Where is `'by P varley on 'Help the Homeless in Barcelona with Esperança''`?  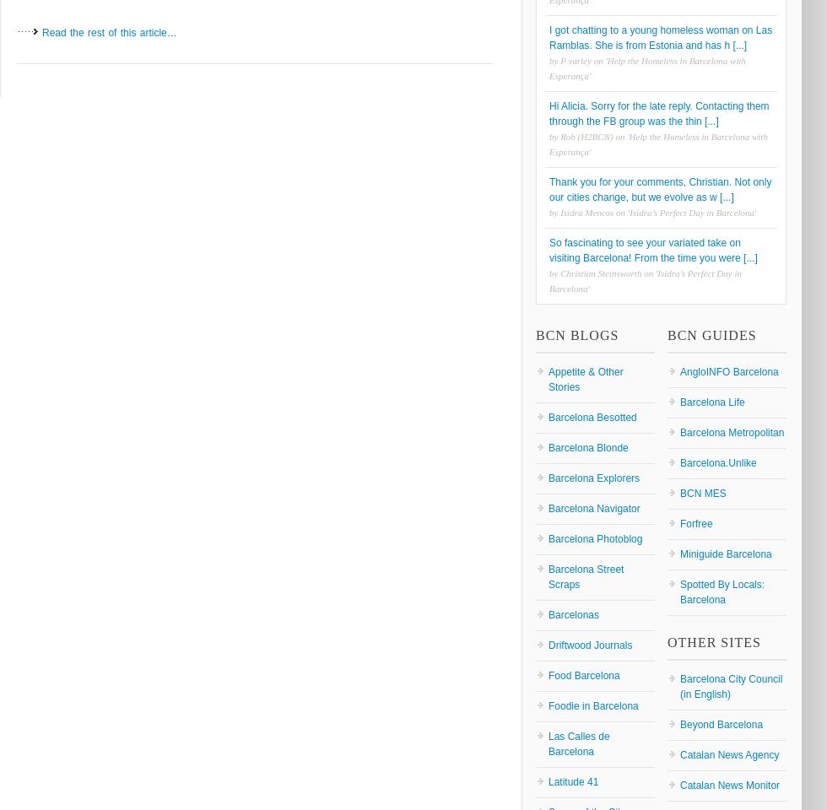 'by P varley on 'Help the Homeless in Barcelona with Esperança'' is located at coordinates (647, 67).